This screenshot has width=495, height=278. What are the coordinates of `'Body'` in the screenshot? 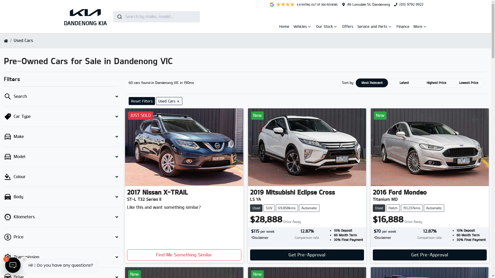 It's located at (61, 197).